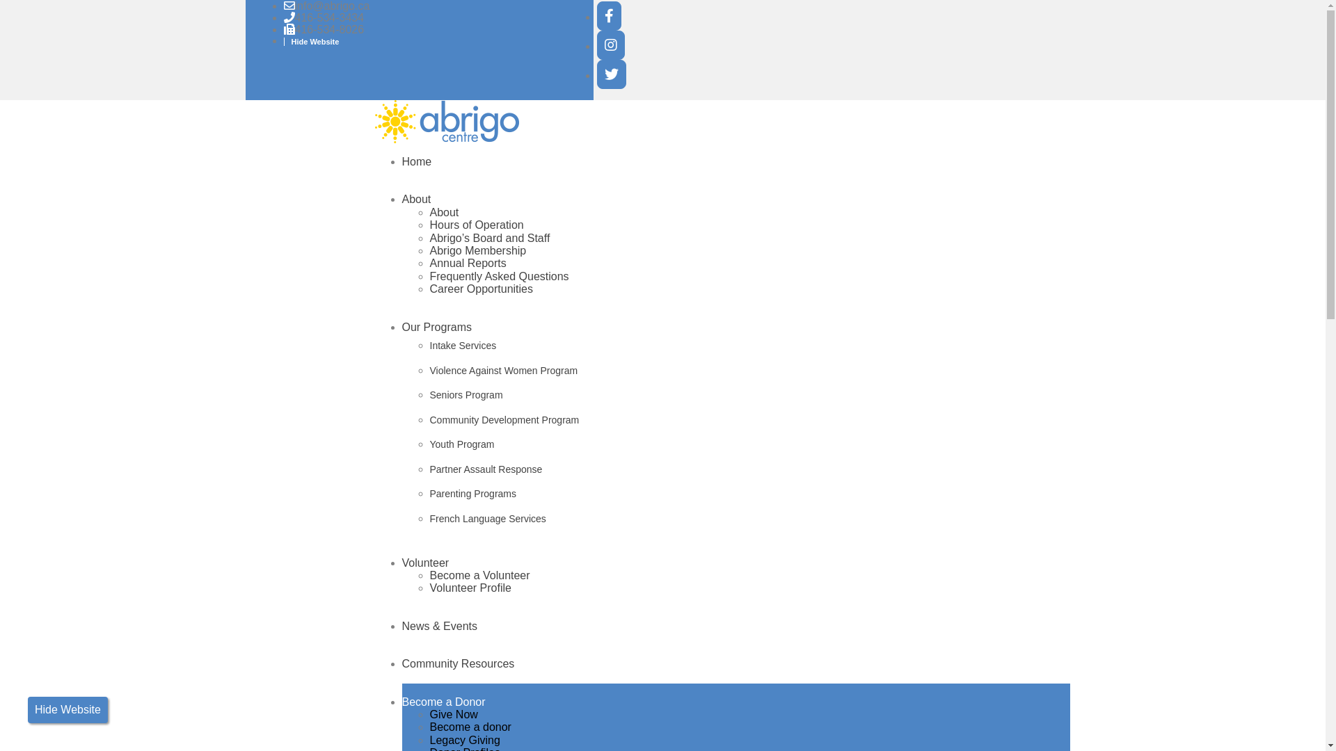 The height and width of the screenshot is (751, 1336). Describe the element at coordinates (443, 702) in the screenshot. I see `'Become a Donor'` at that location.